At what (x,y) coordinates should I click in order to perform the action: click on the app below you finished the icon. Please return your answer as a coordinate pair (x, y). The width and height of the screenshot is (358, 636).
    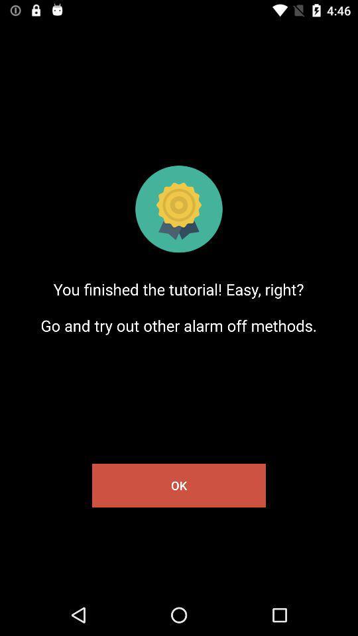
    Looking at the image, I should click on (179, 484).